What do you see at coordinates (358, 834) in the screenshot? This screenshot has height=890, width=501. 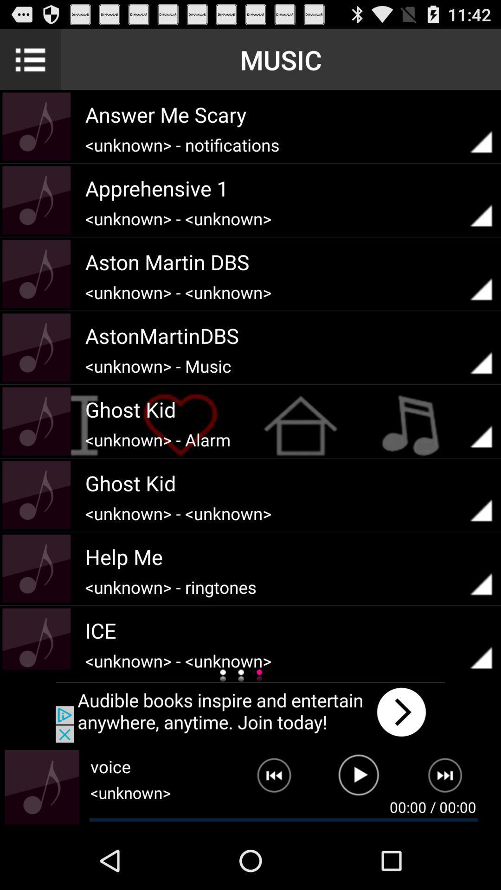 I see `the play icon` at bounding box center [358, 834].